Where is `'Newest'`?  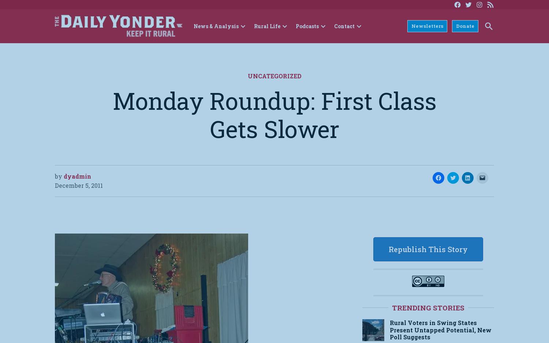
'Newest' is located at coordinates (352, 48).